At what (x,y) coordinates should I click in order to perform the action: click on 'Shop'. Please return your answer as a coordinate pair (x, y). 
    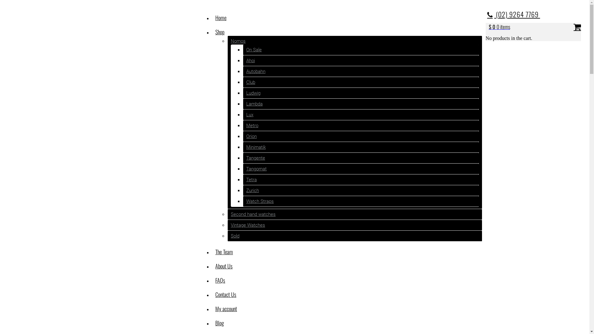
    Looking at the image, I should click on (220, 32).